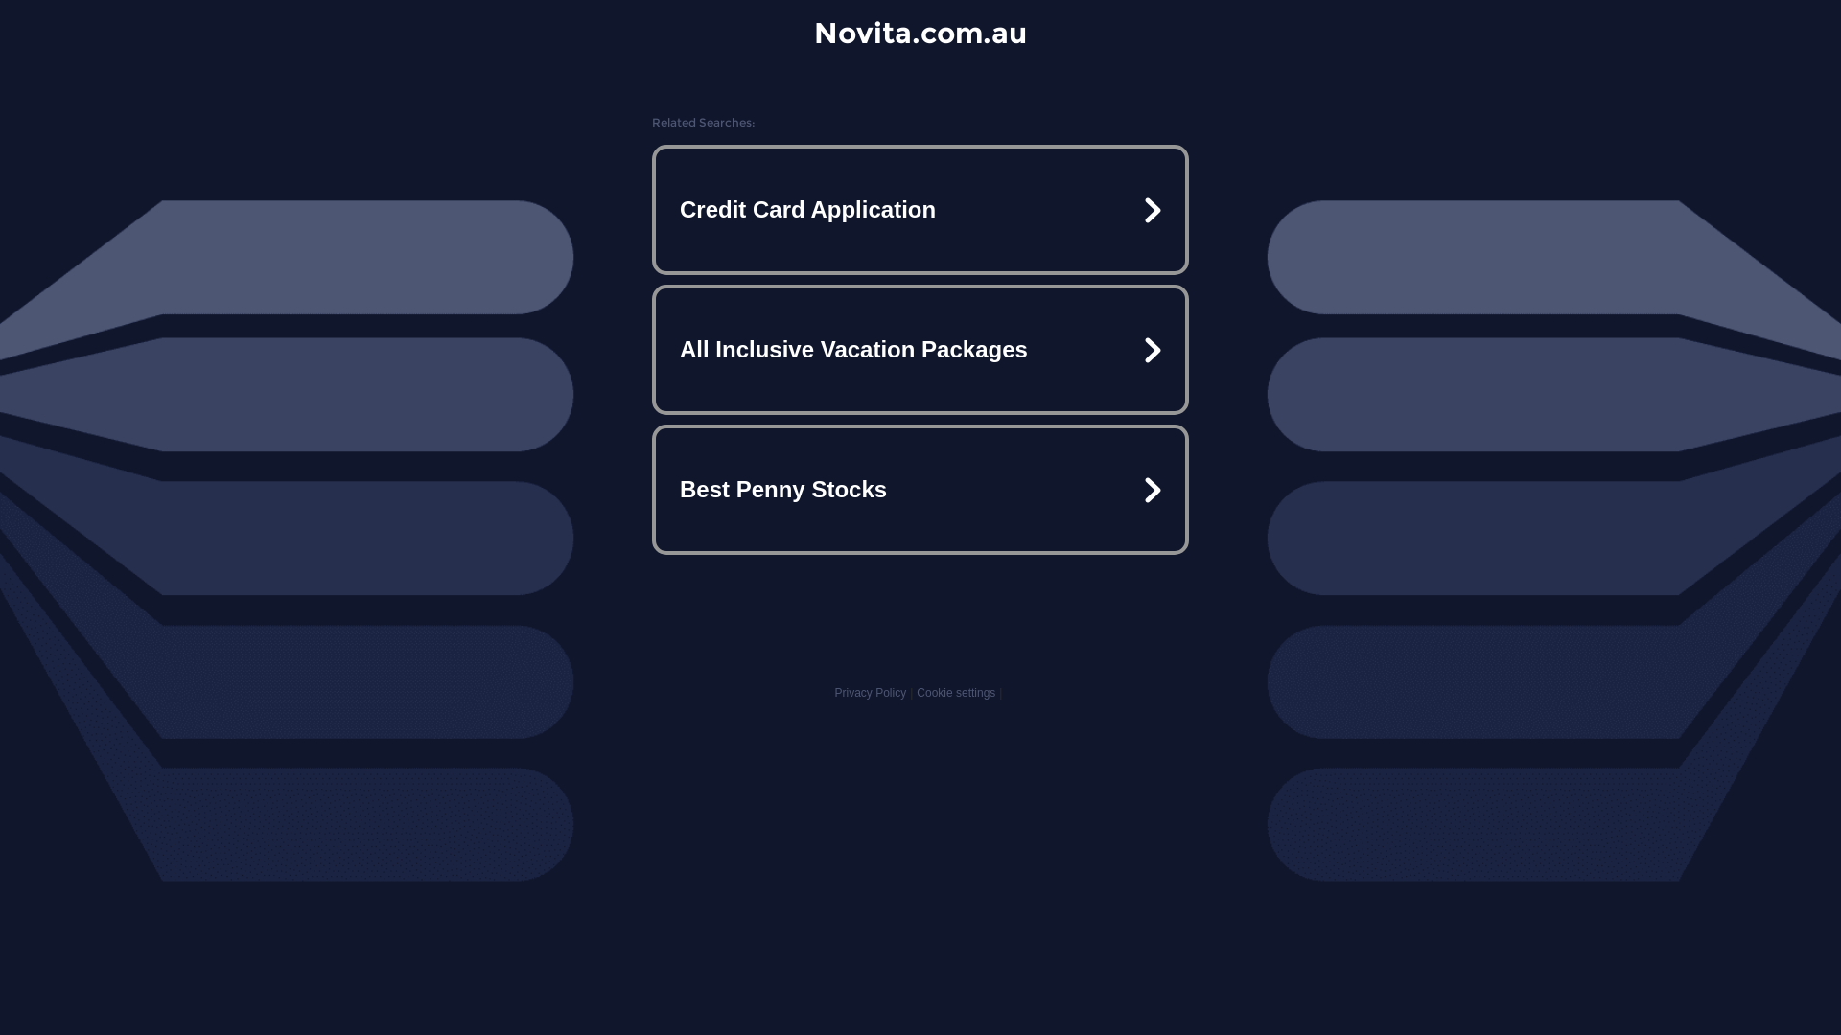  I want to click on 'Privacy Policy', so click(869, 692).